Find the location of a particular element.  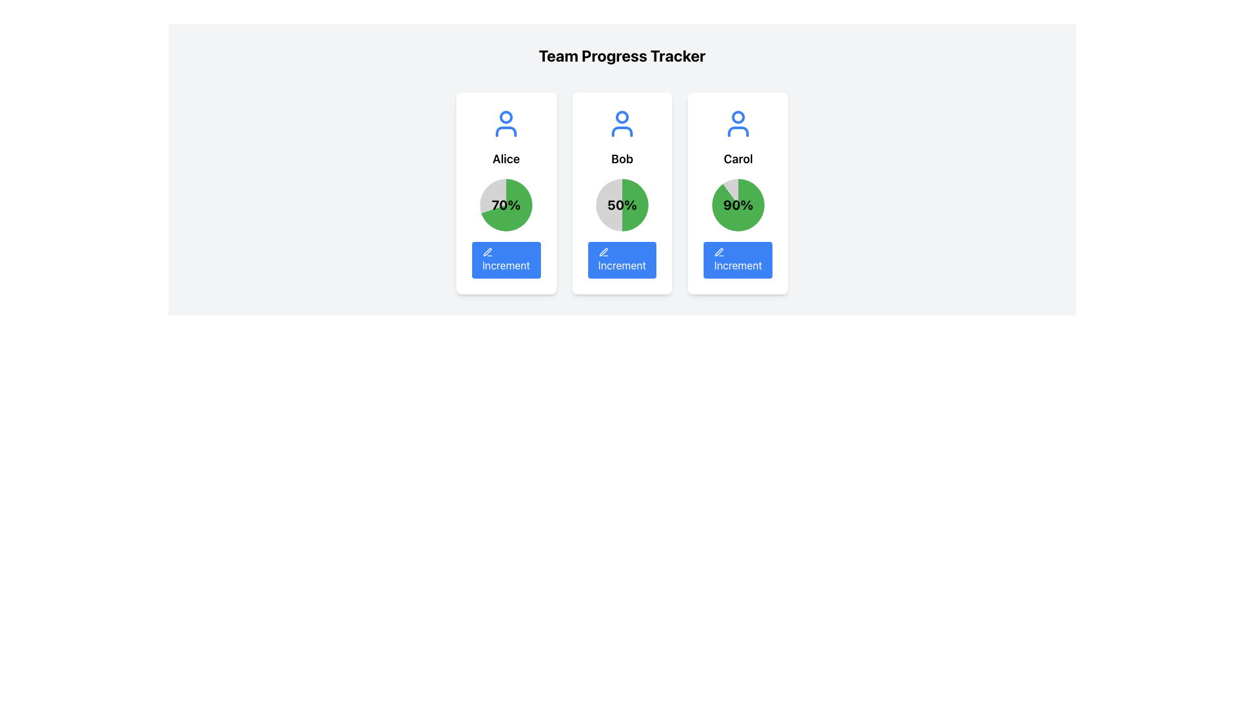

the bold and large-sized text displaying '50%' located centrally within the circular area of the middle card associated with 'Bob' is located at coordinates (622, 205).